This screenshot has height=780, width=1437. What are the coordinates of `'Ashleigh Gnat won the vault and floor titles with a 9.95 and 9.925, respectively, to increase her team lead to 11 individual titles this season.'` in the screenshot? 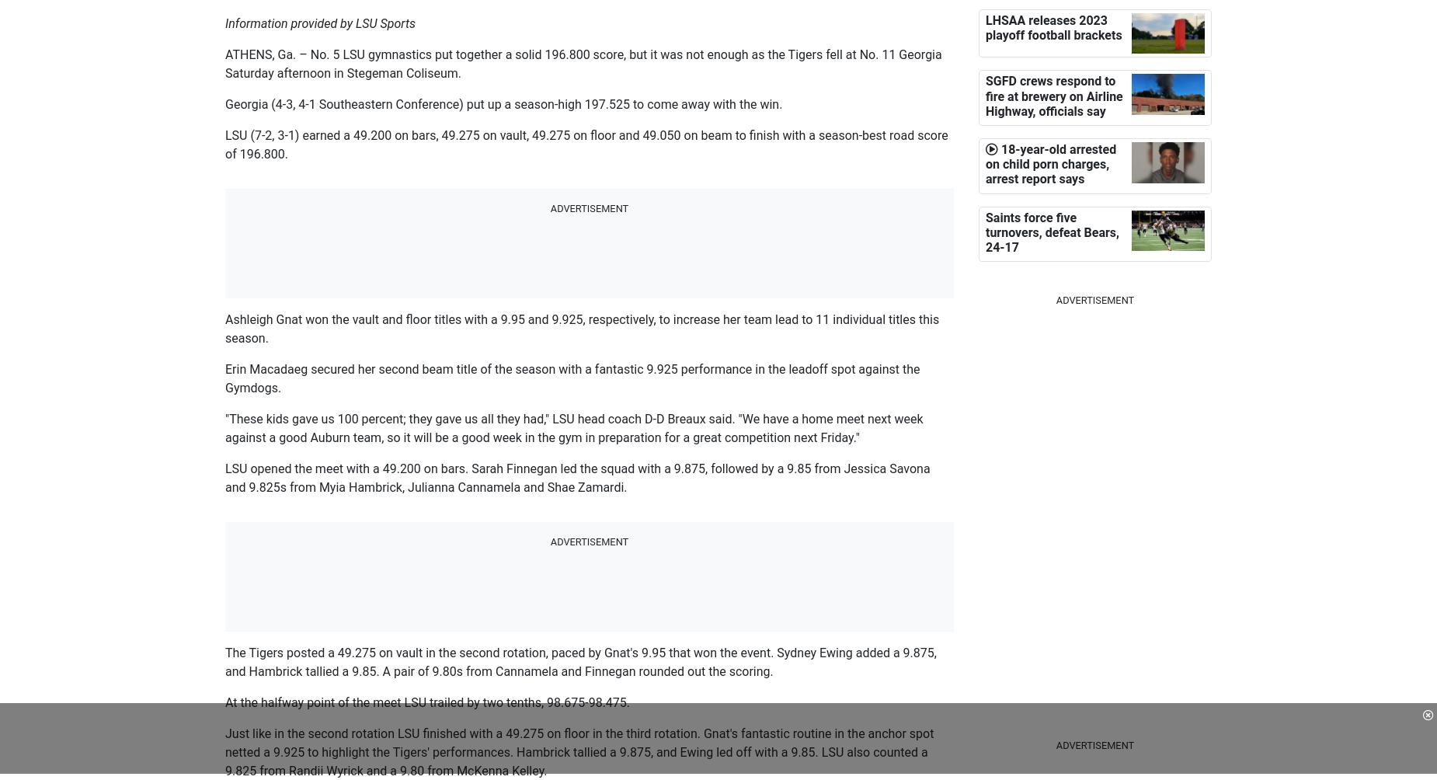 It's located at (582, 328).